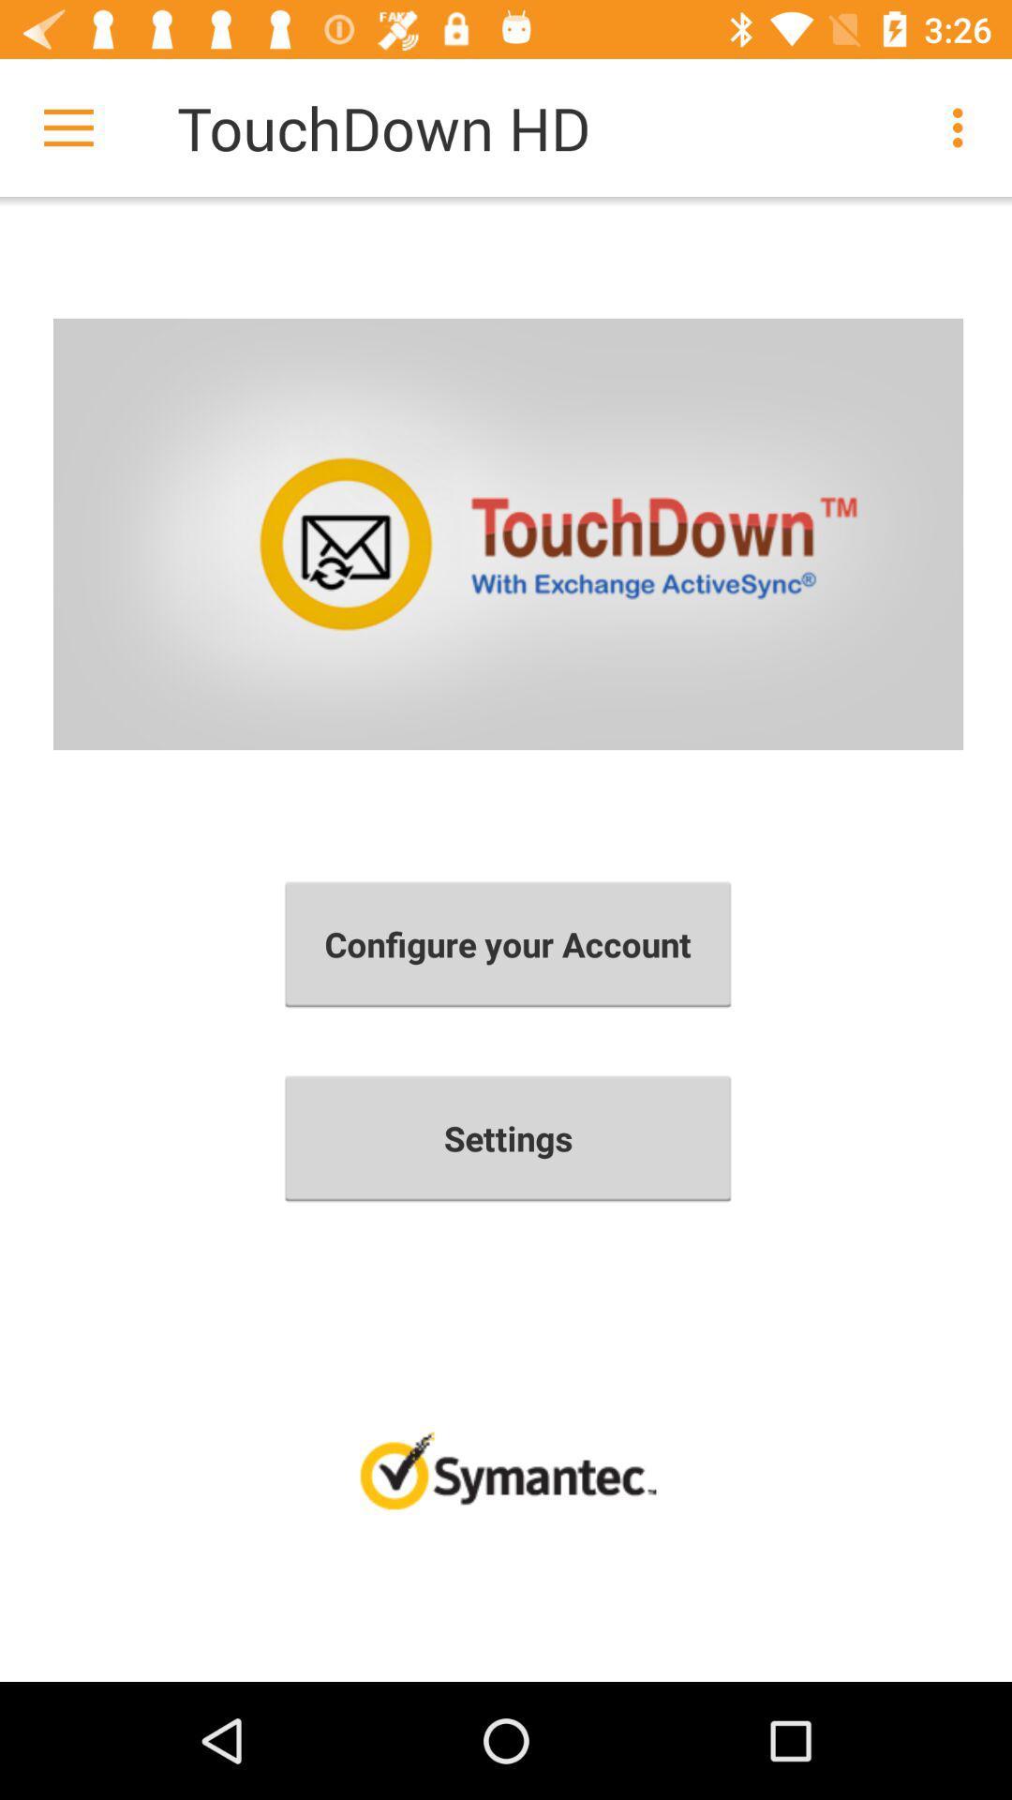 The width and height of the screenshot is (1012, 1800). I want to click on settings, so click(508, 1137).